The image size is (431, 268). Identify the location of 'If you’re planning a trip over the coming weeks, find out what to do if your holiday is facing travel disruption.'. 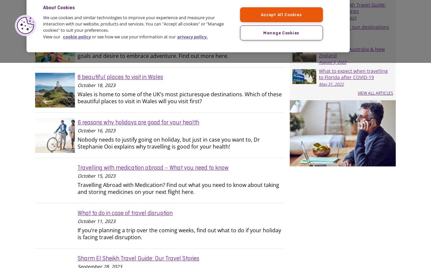
(77, 233).